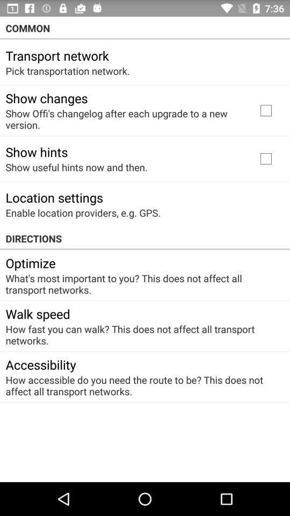  I want to click on pick transportation network. icon, so click(68, 70).